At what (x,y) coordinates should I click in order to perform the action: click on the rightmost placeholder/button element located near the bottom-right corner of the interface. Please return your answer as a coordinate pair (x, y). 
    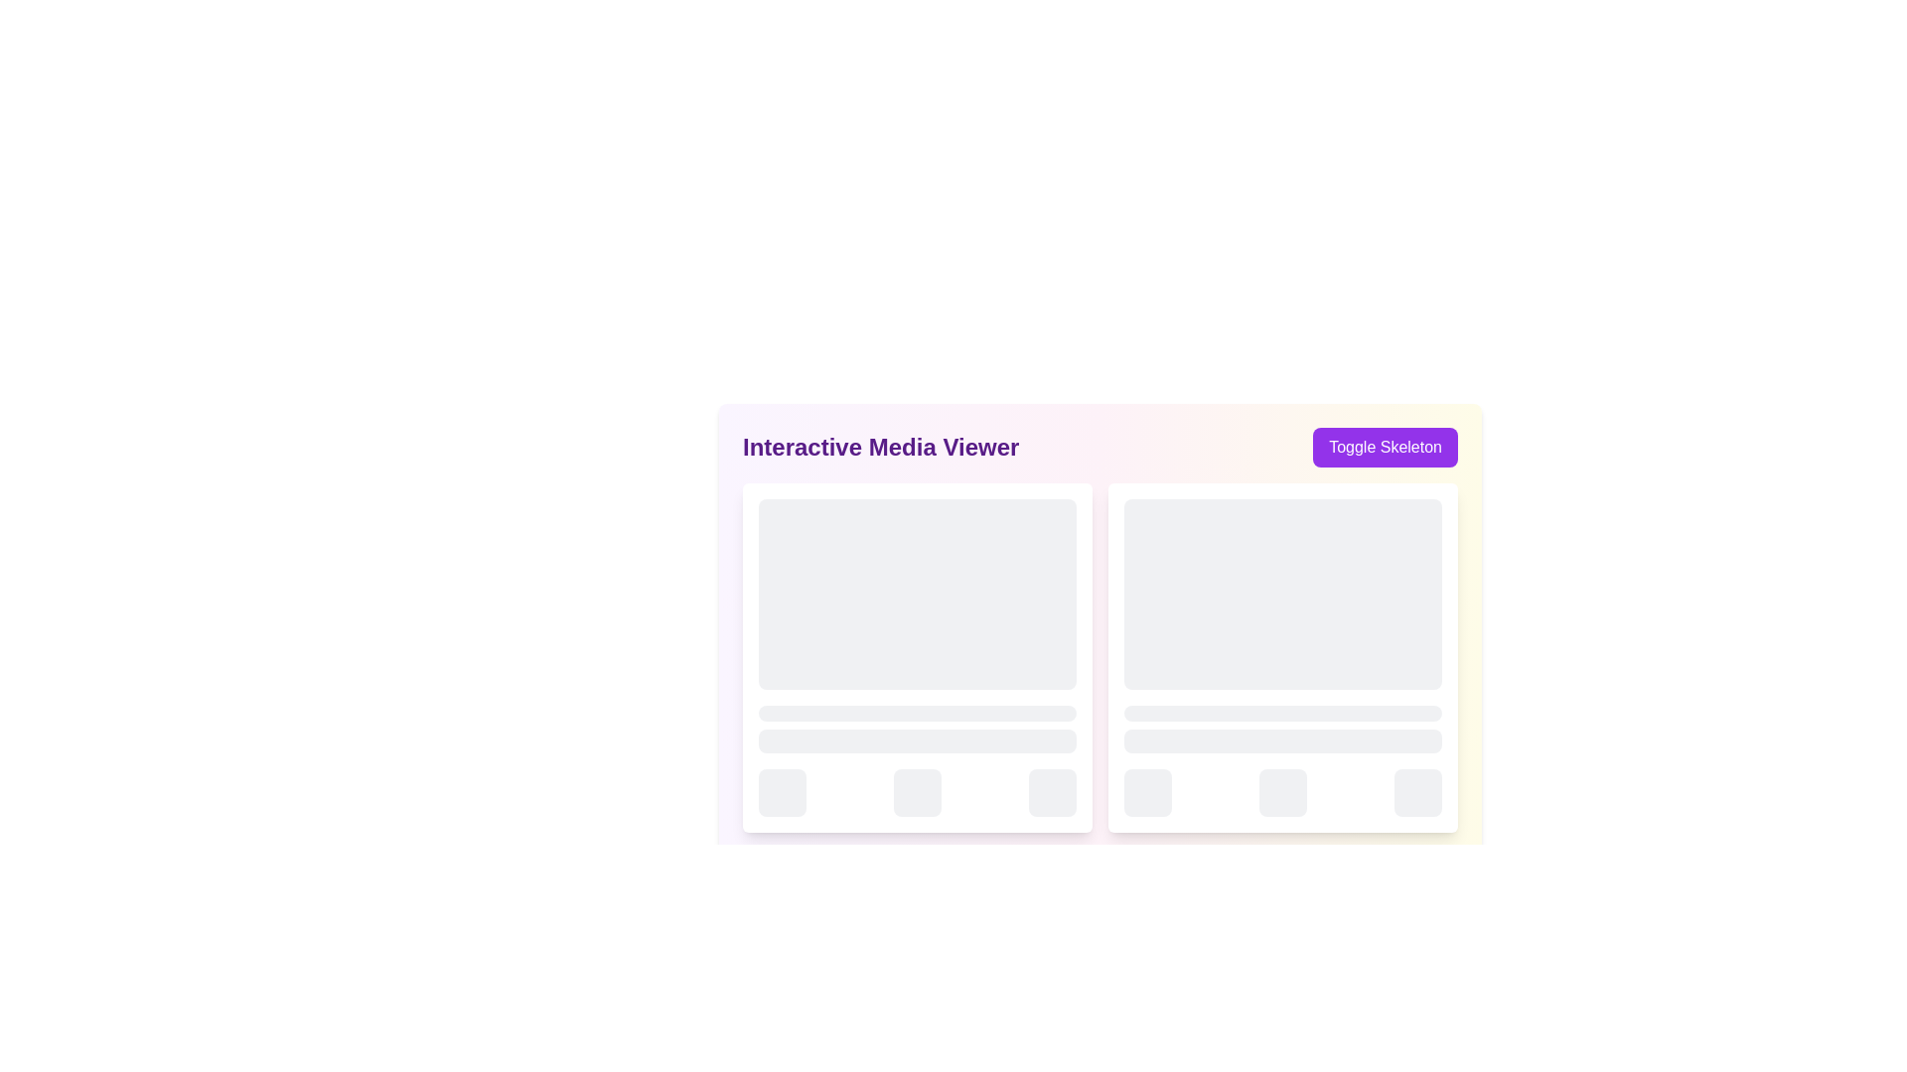
    Looking at the image, I should click on (1417, 791).